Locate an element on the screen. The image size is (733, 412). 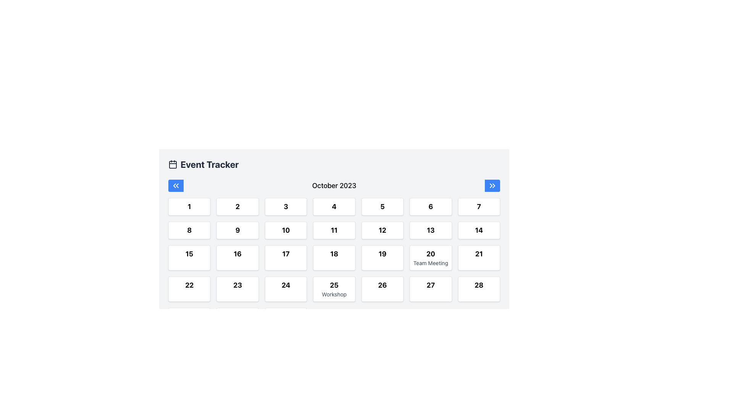
the bold text displaying the number '19' which is centrally aligned within the tile for October 19 in the calendar grid is located at coordinates (382, 254).